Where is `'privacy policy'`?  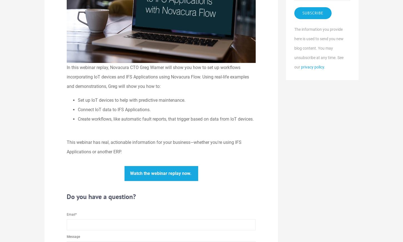 'privacy policy' is located at coordinates (312, 67).